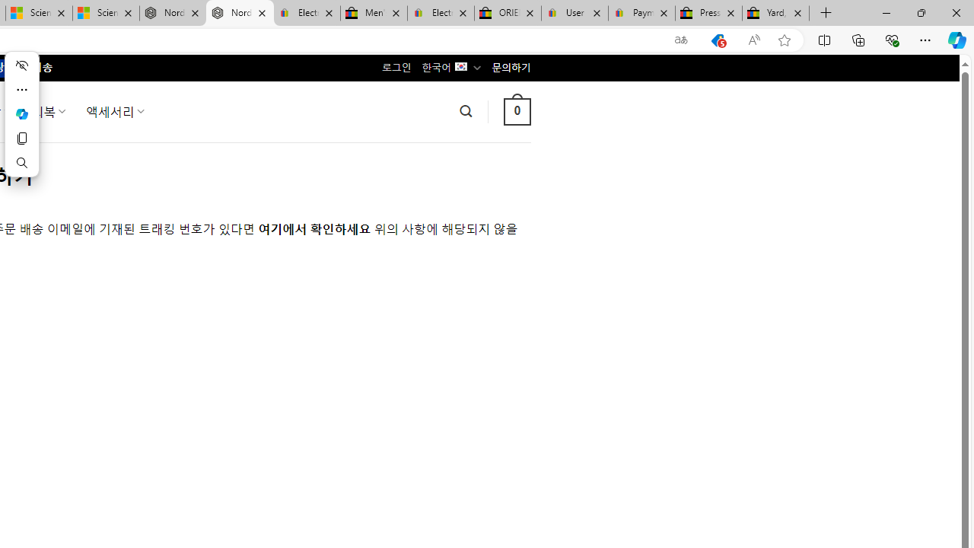 This screenshot has height=548, width=974. Describe the element at coordinates (886, 12) in the screenshot. I see `'Minimize'` at that location.